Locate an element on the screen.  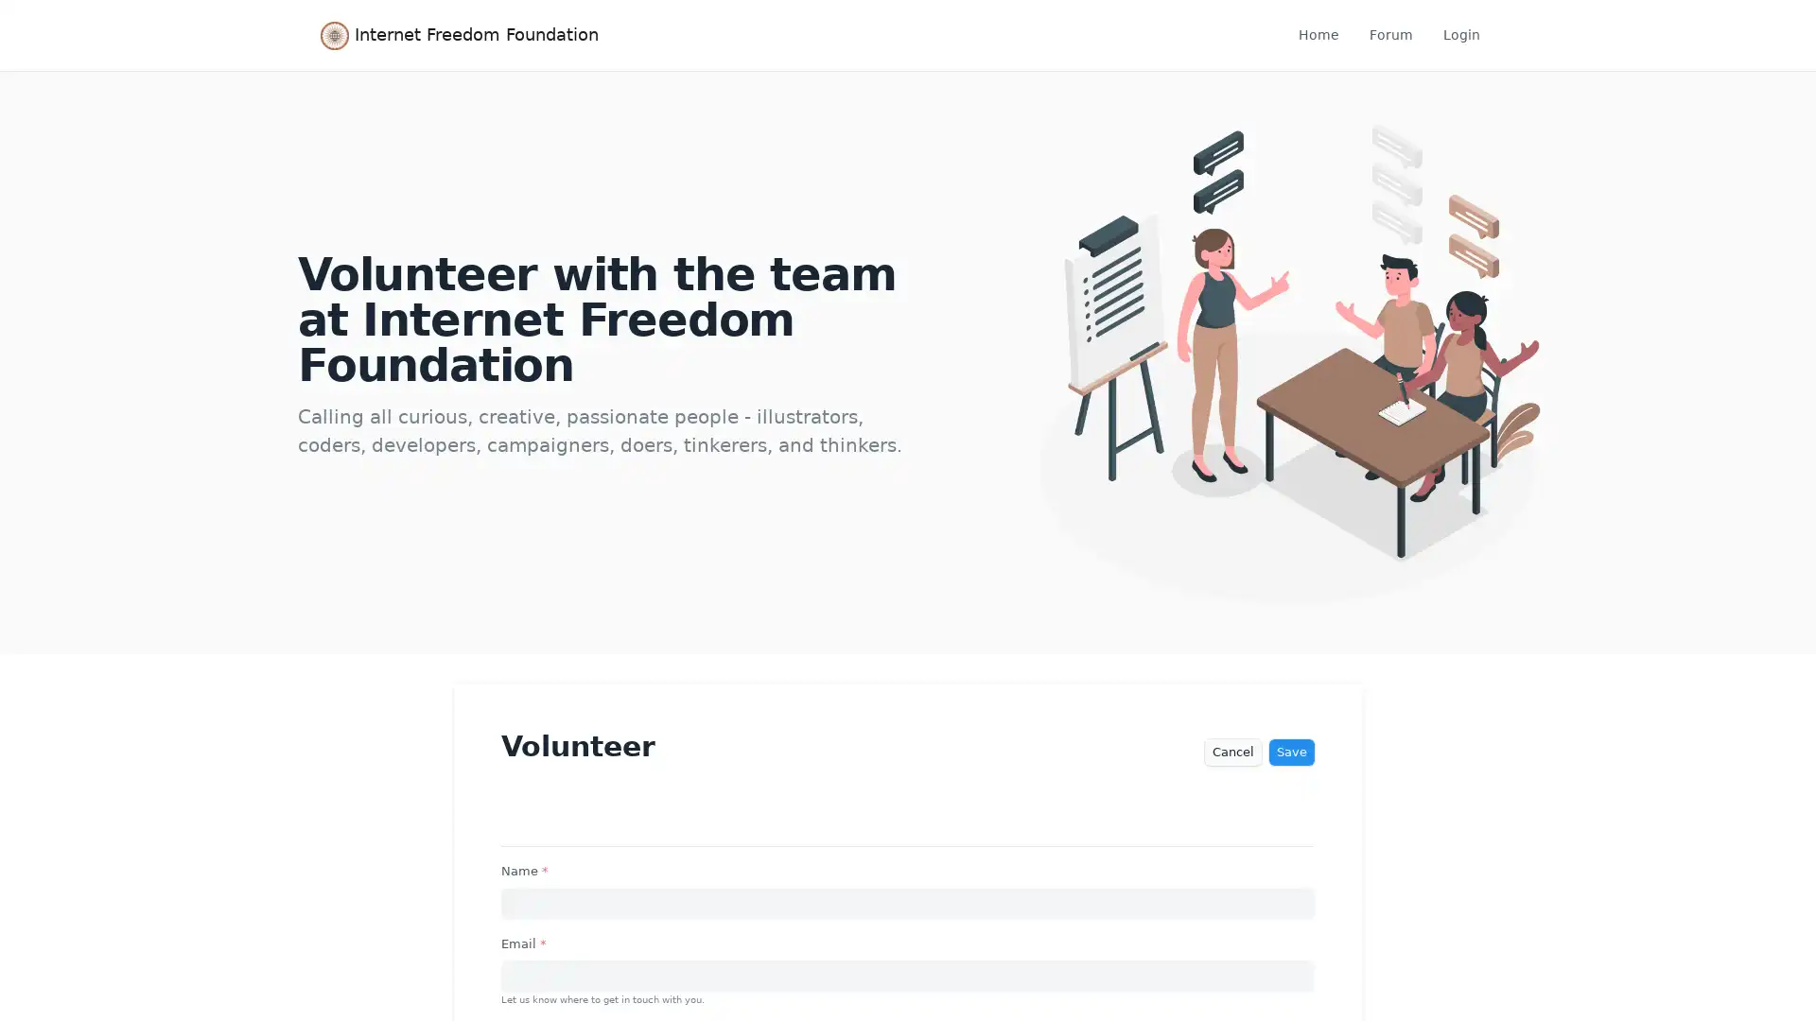
Cancel is located at coordinates (1233, 751).